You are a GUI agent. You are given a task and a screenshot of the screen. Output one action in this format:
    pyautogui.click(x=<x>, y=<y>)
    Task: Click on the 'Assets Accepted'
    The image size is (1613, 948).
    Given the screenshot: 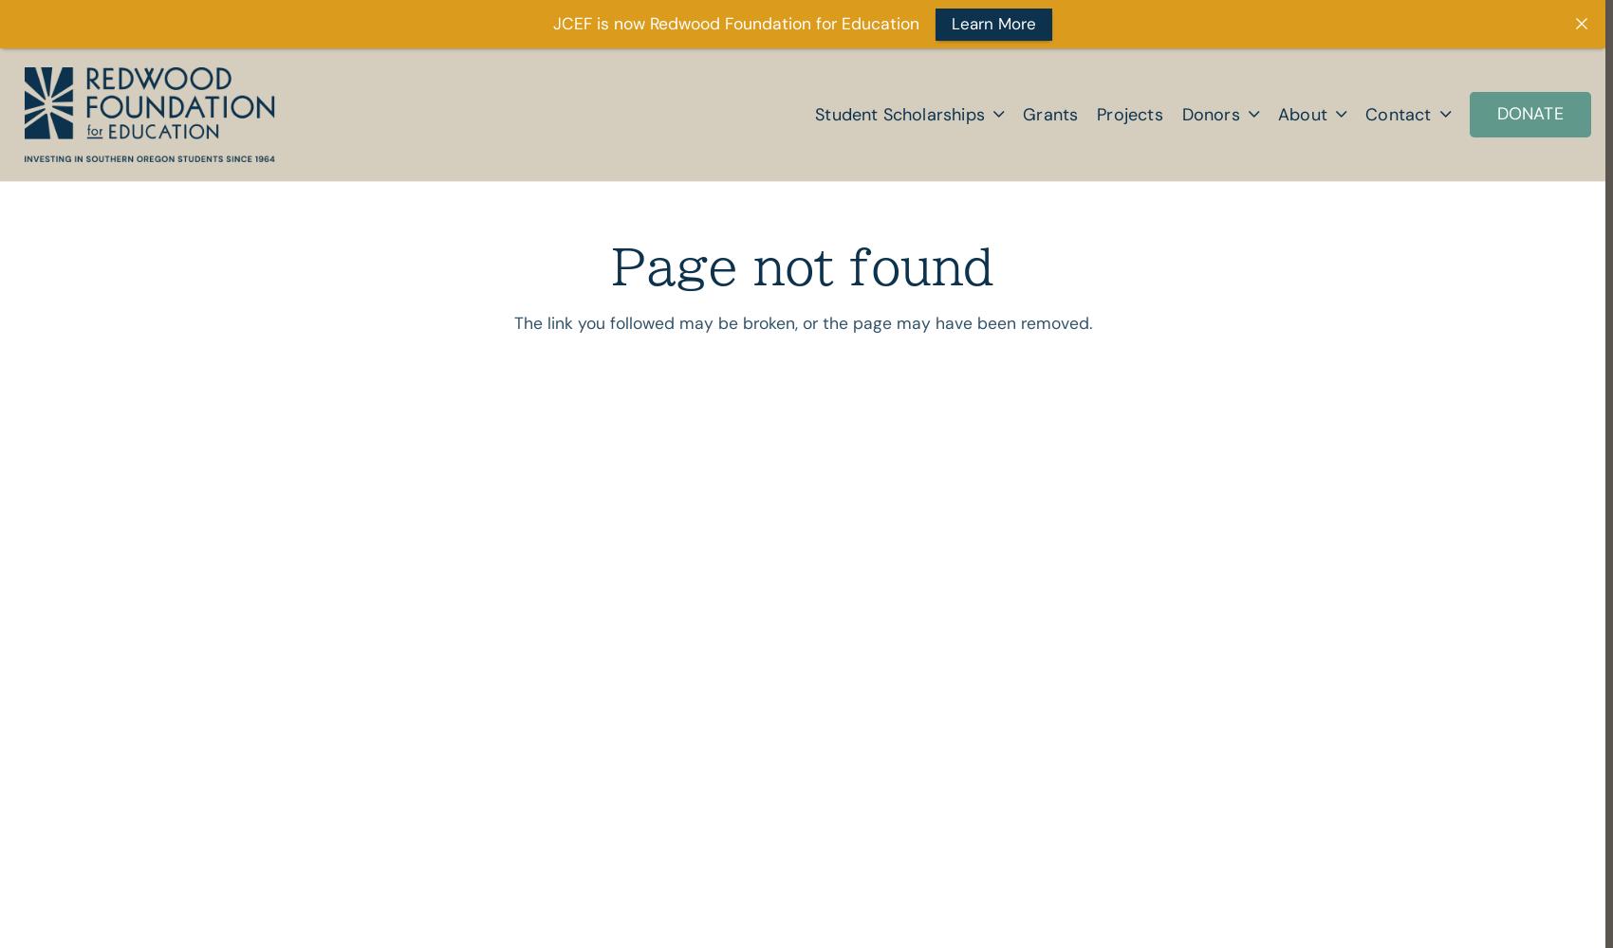 What is the action you would take?
    pyautogui.click(x=1259, y=373)
    